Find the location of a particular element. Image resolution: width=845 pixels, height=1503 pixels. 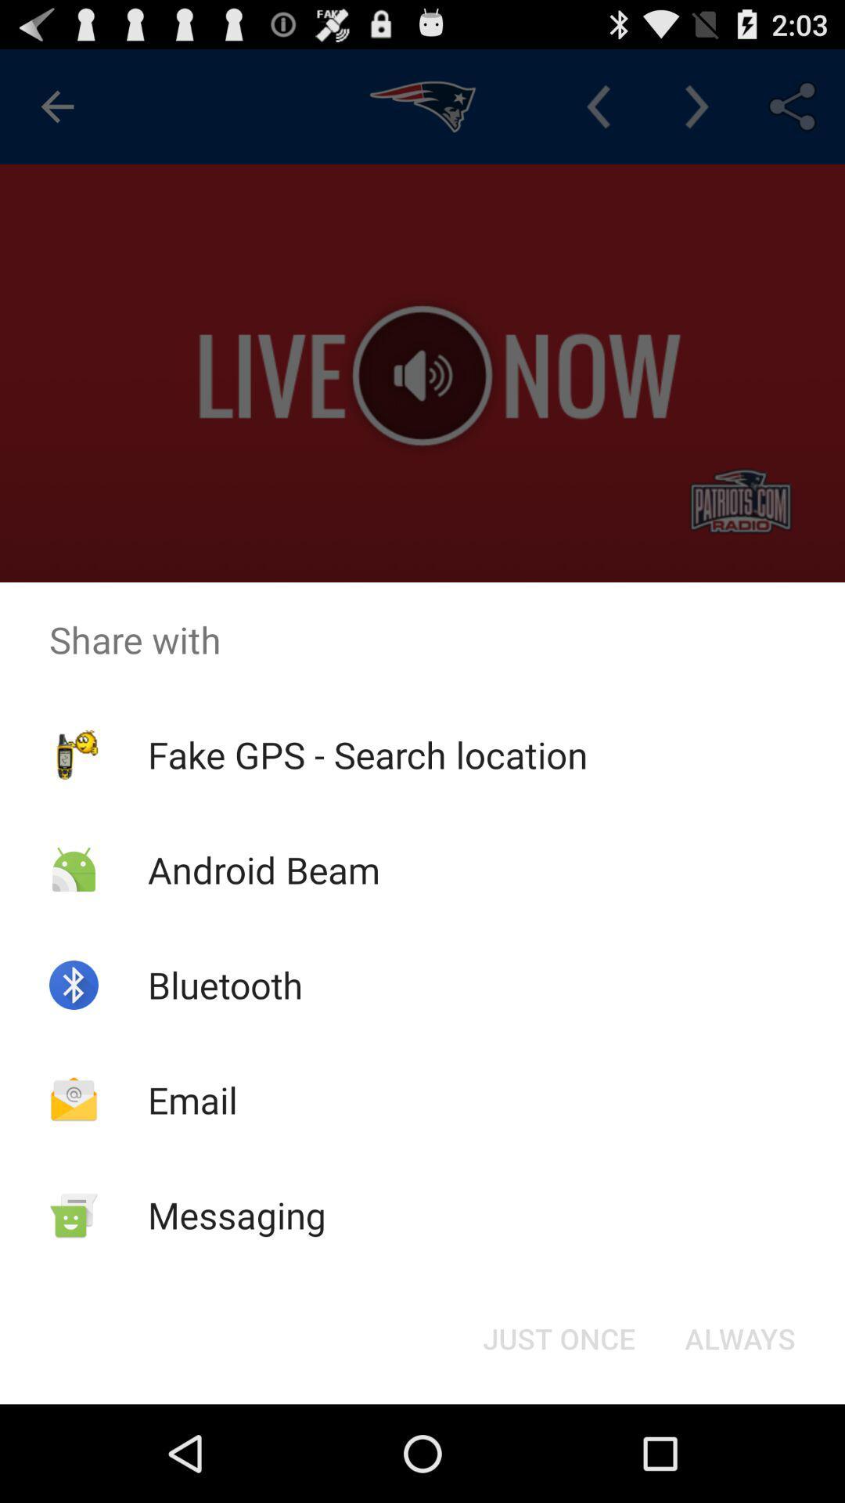

the messaging item is located at coordinates (237, 1214).